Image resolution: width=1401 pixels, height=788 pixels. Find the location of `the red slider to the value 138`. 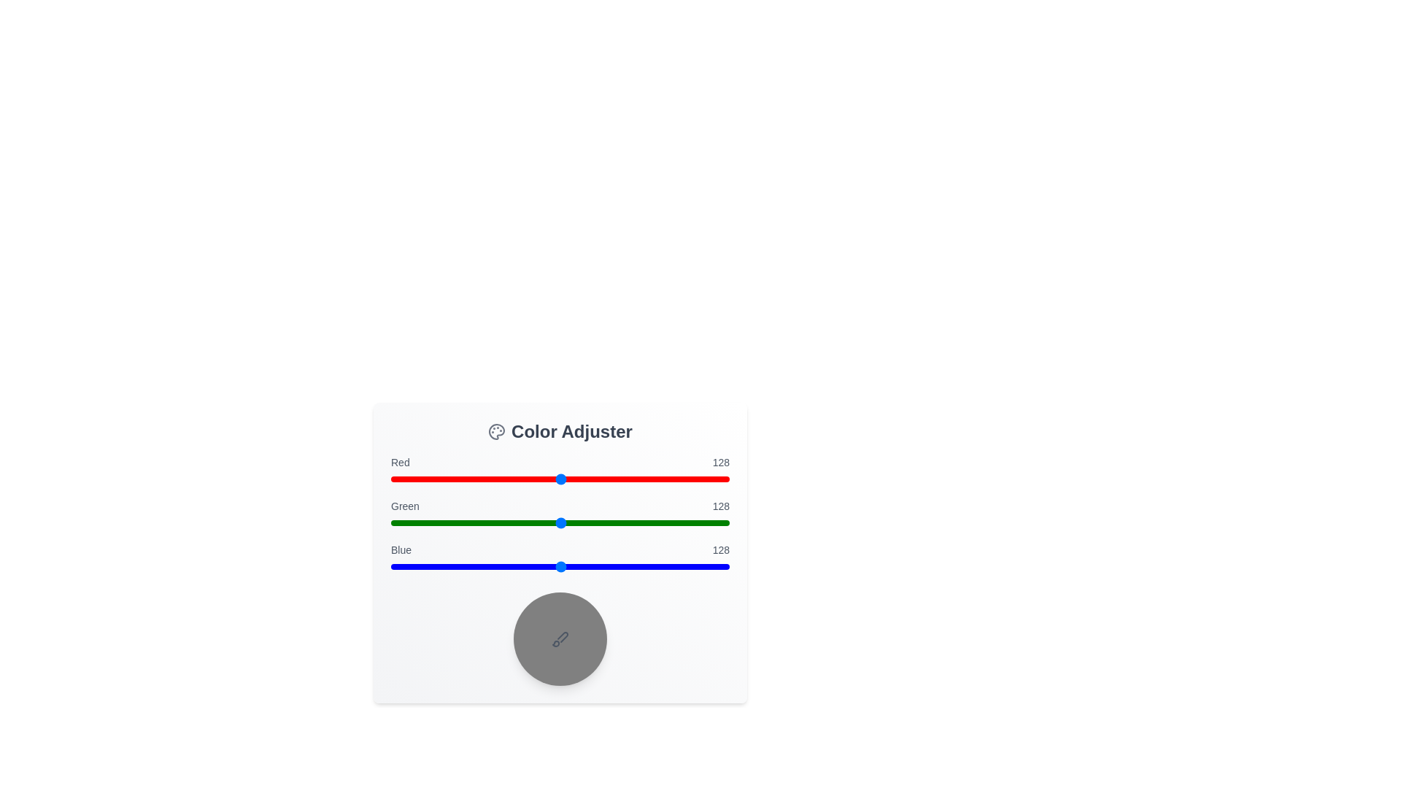

the red slider to the value 138 is located at coordinates (574, 479).